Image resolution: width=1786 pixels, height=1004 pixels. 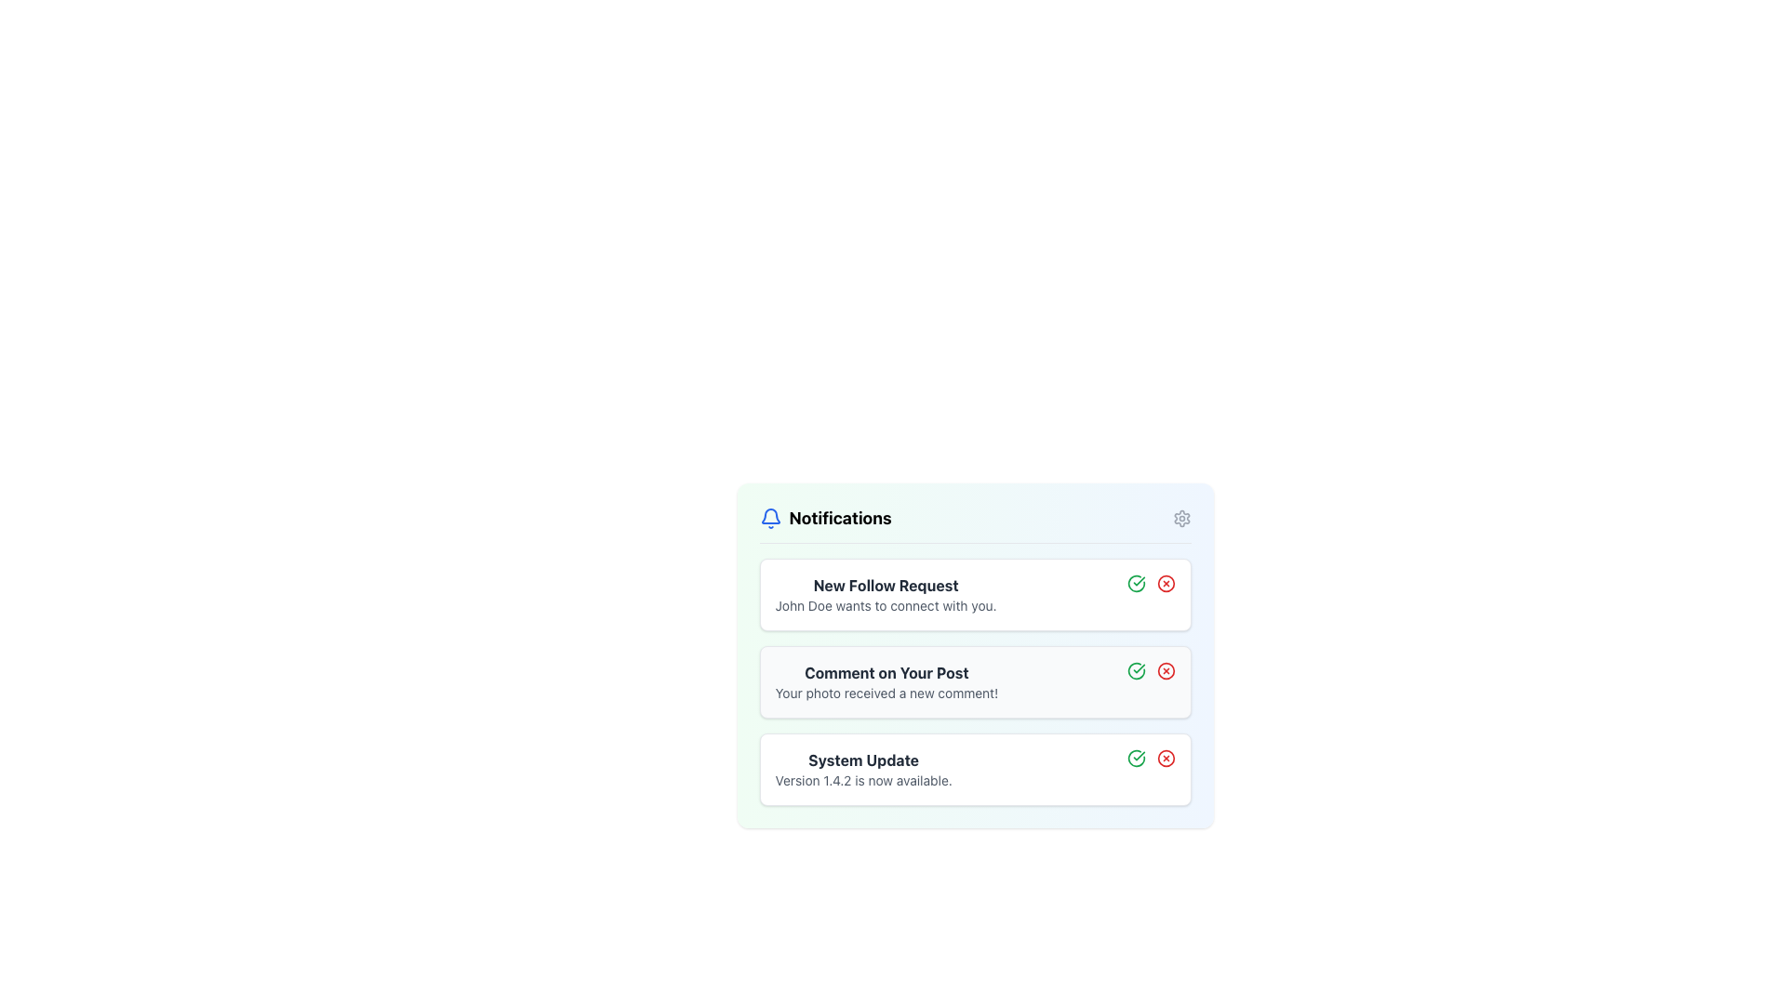 What do you see at coordinates (1165, 759) in the screenshot?
I see `the dismiss button for the 'System Update' notification` at bounding box center [1165, 759].